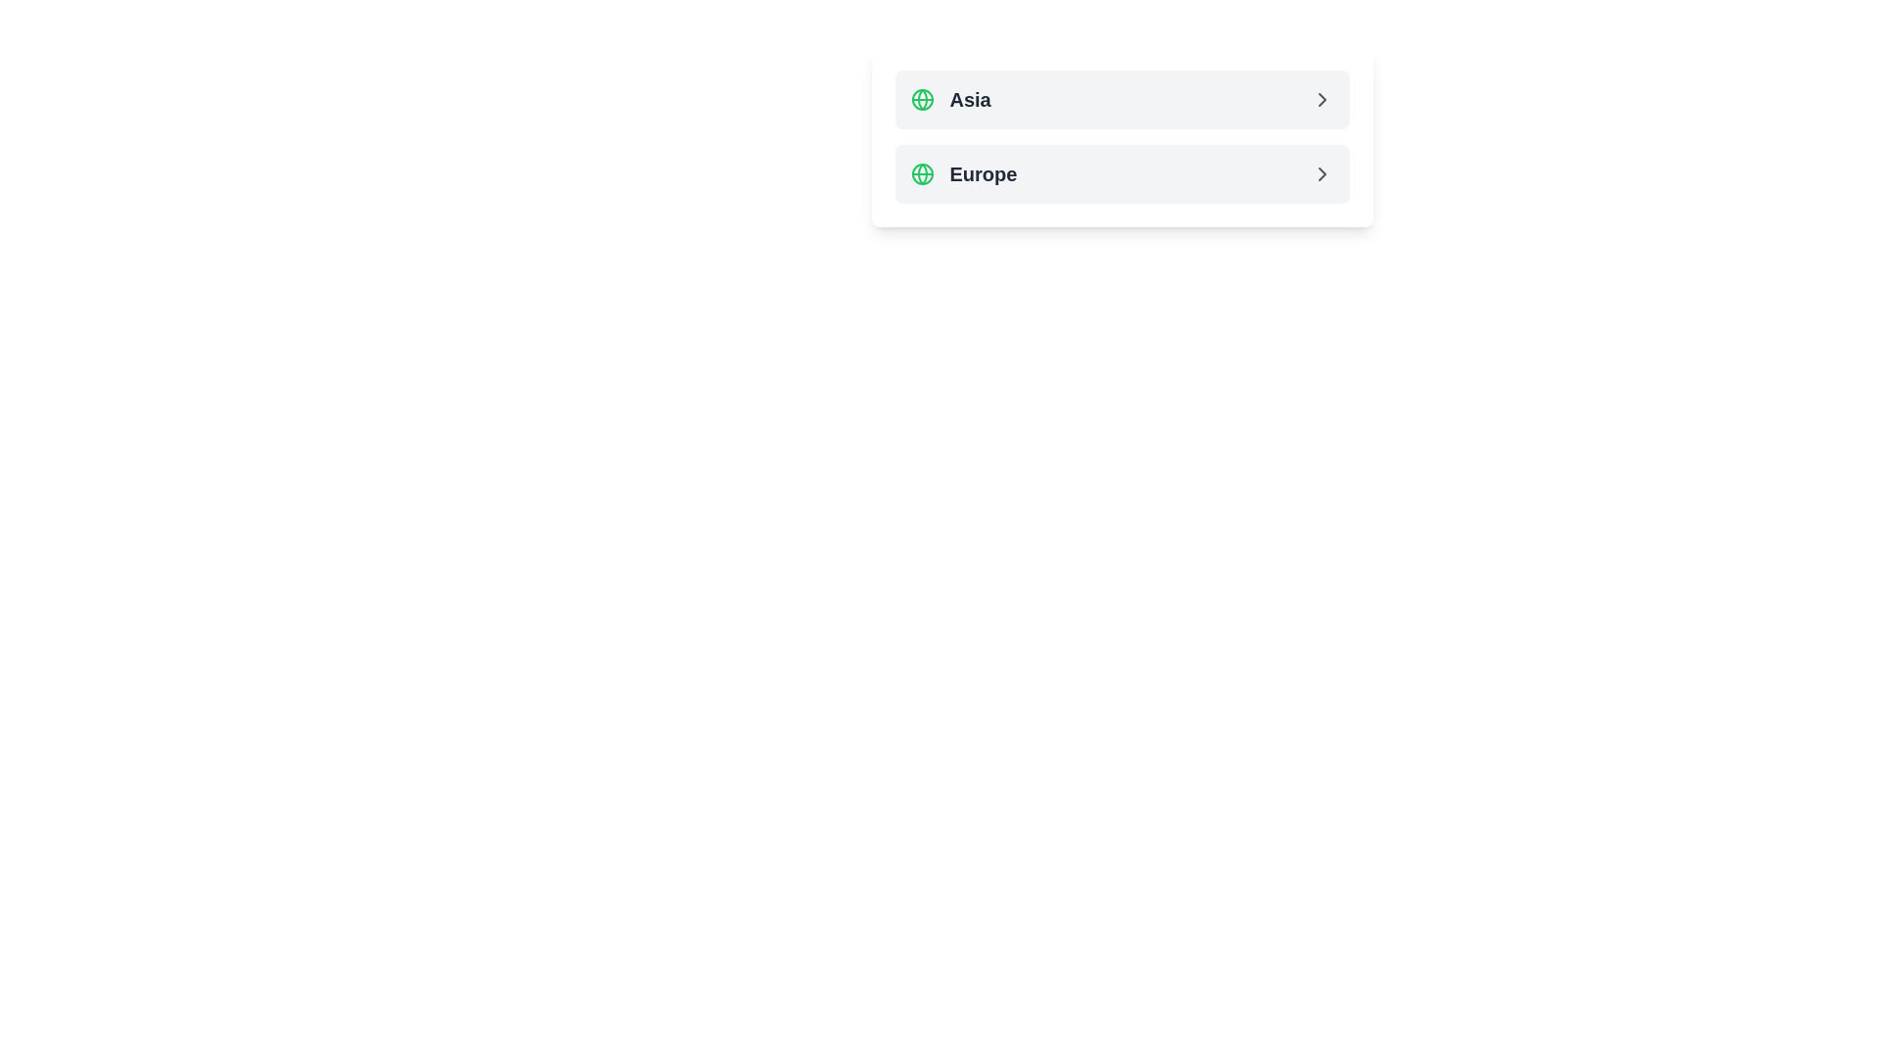  What do you see at coordinates (983, 172) in the screenshot?
I see `the 'Europe' text label for reading by moving the cursor to its center point` at bounding box center [983, 172].